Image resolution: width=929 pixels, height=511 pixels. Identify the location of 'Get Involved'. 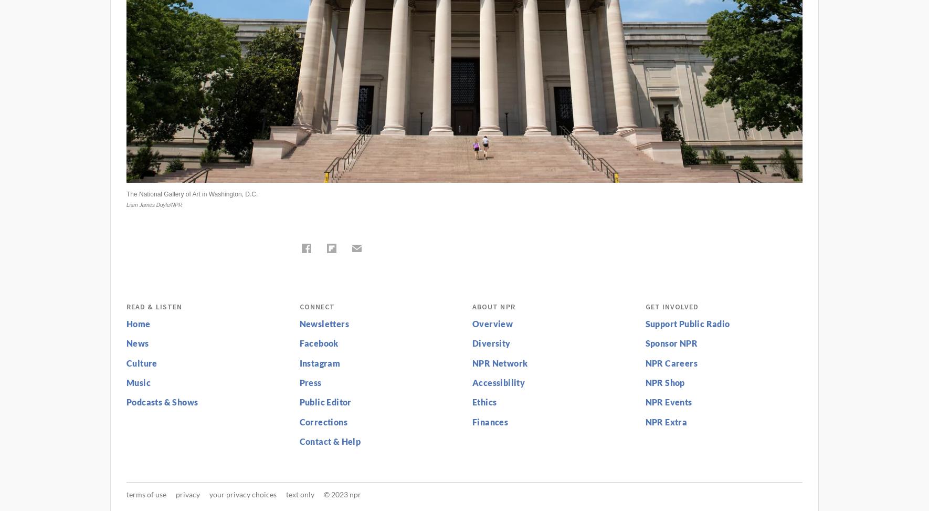
(671, 306).